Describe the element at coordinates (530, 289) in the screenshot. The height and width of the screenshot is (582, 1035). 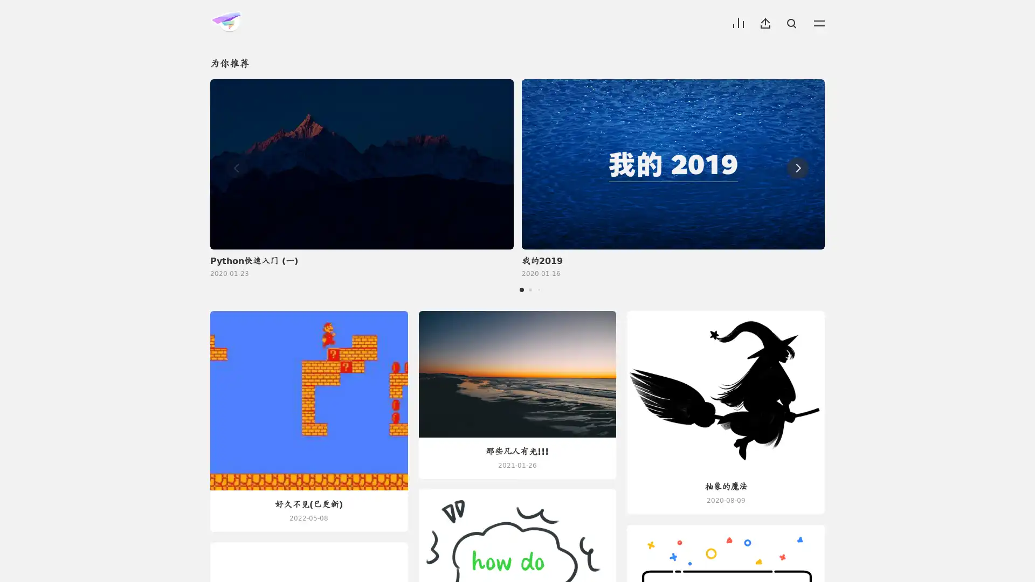
I see `Go to slide 2` at that location.